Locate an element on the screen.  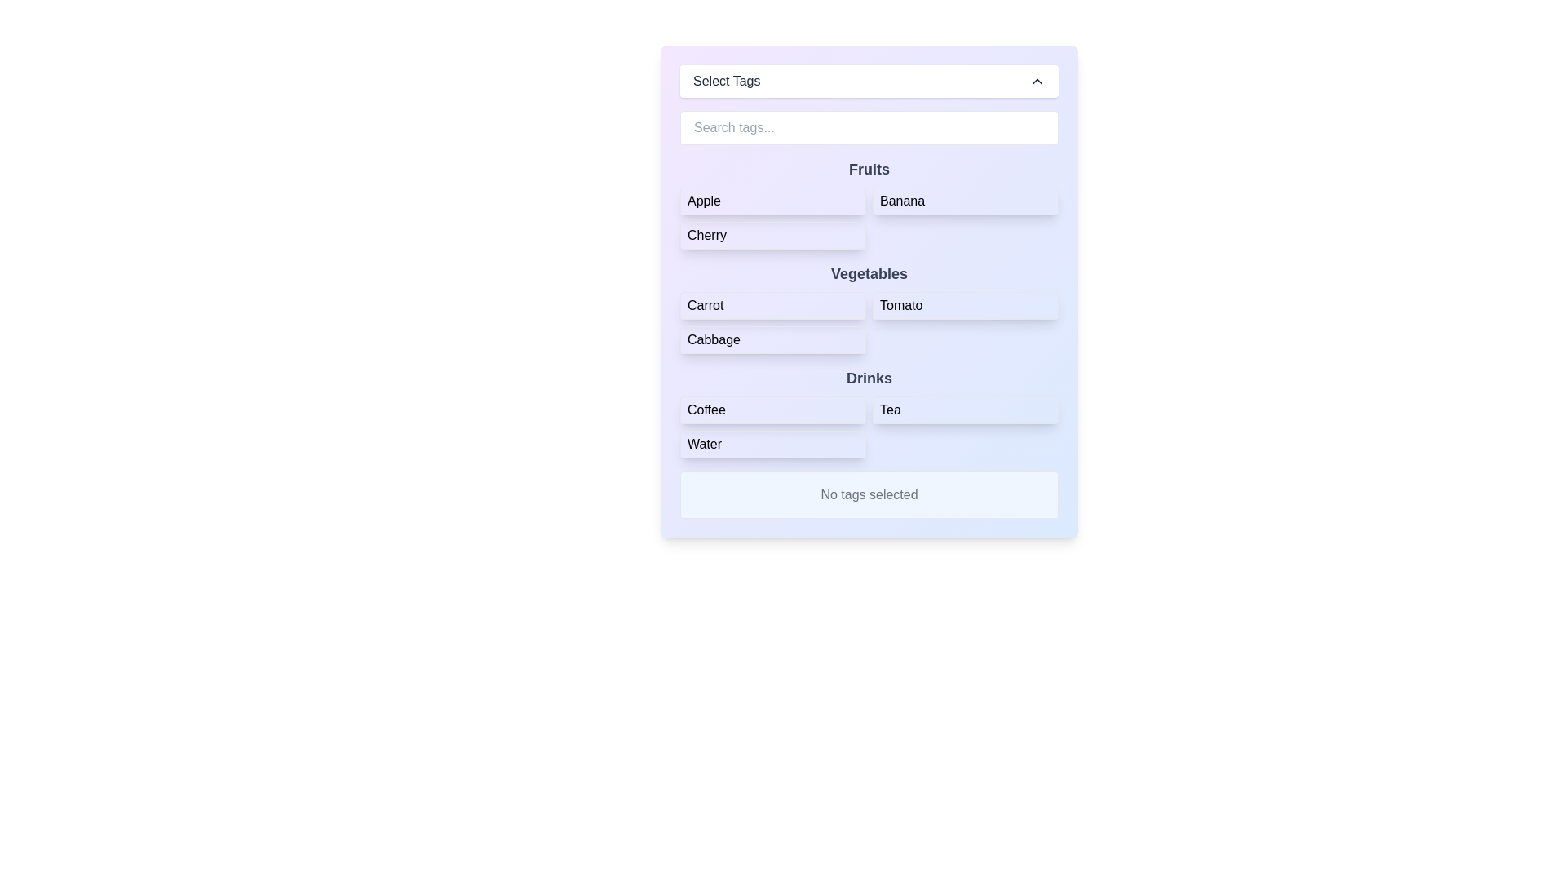
the text label displaying 'Coffee' located in the 'Drinks' section, which is the first item in the row alongside 'Tea' and 'Water' is located at coordinates (706, 409).